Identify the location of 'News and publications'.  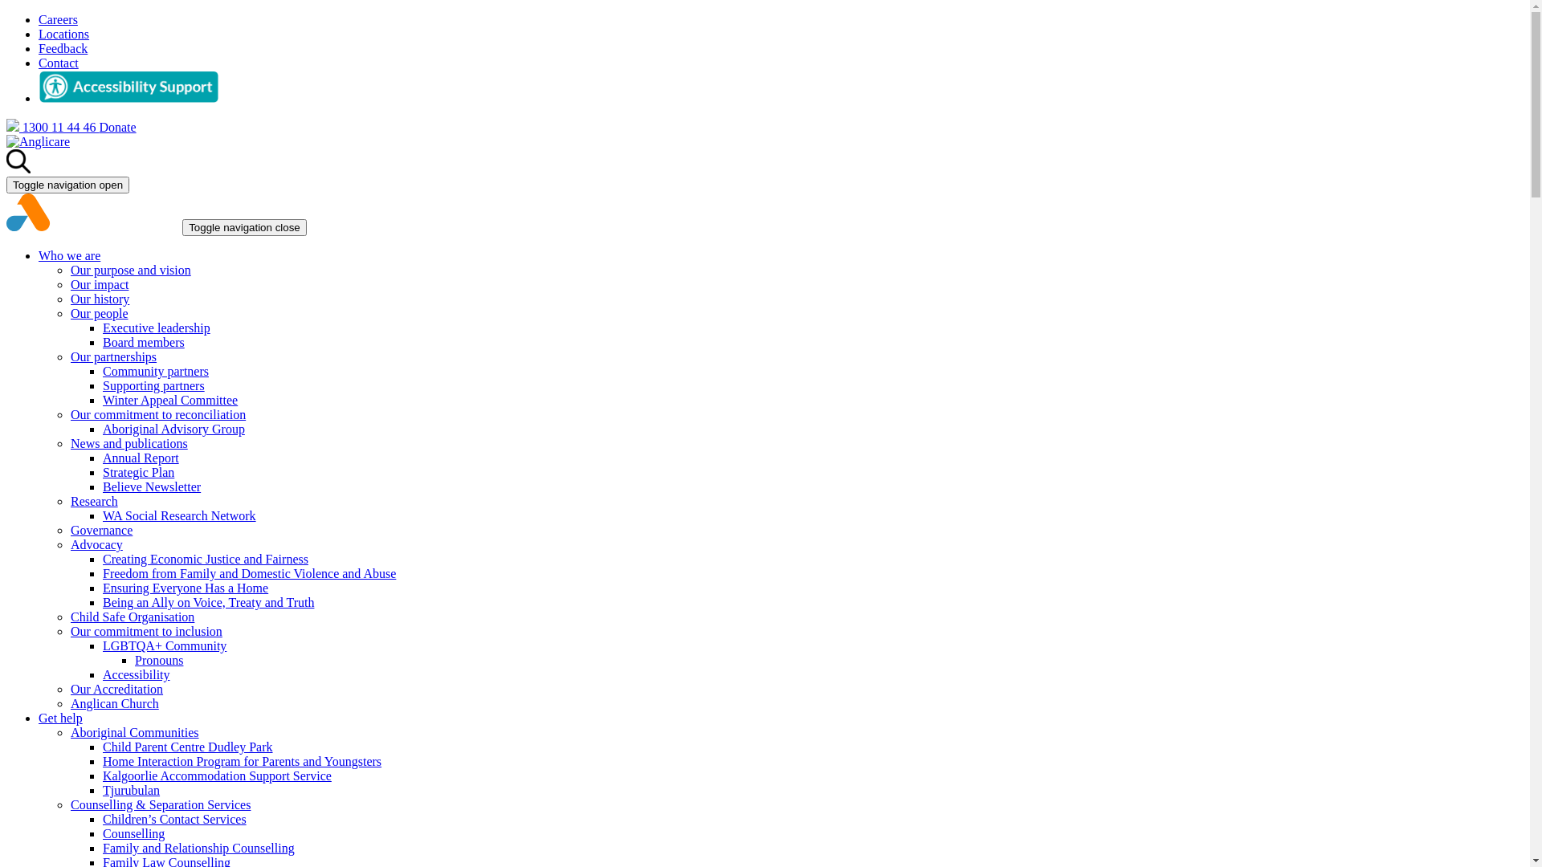
(129, 443).